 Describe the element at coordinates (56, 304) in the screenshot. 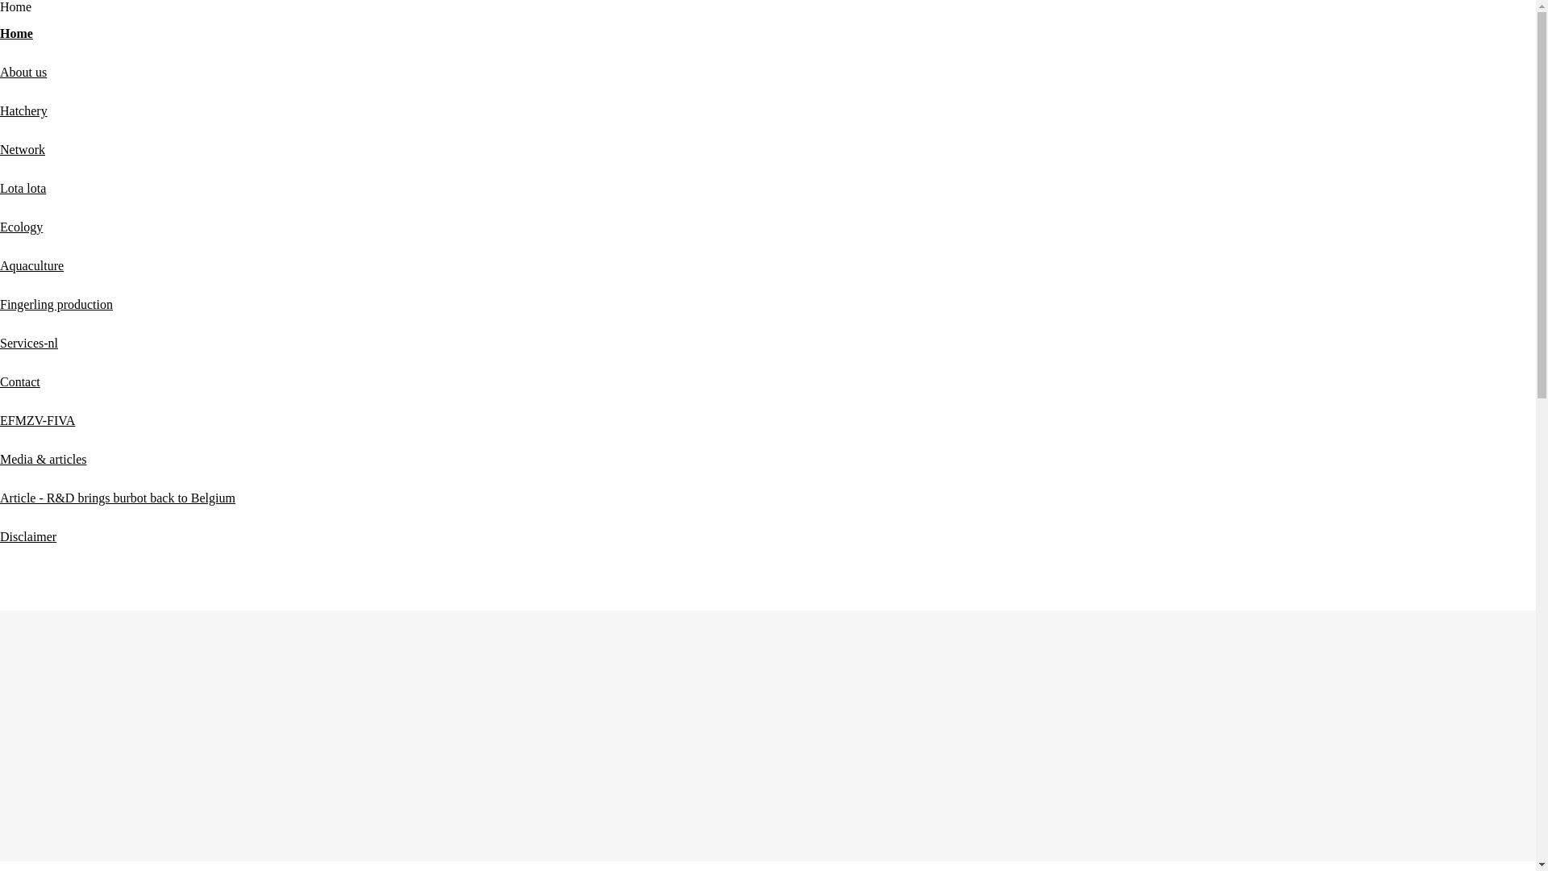

I see `'Fingerling production'` at that location.